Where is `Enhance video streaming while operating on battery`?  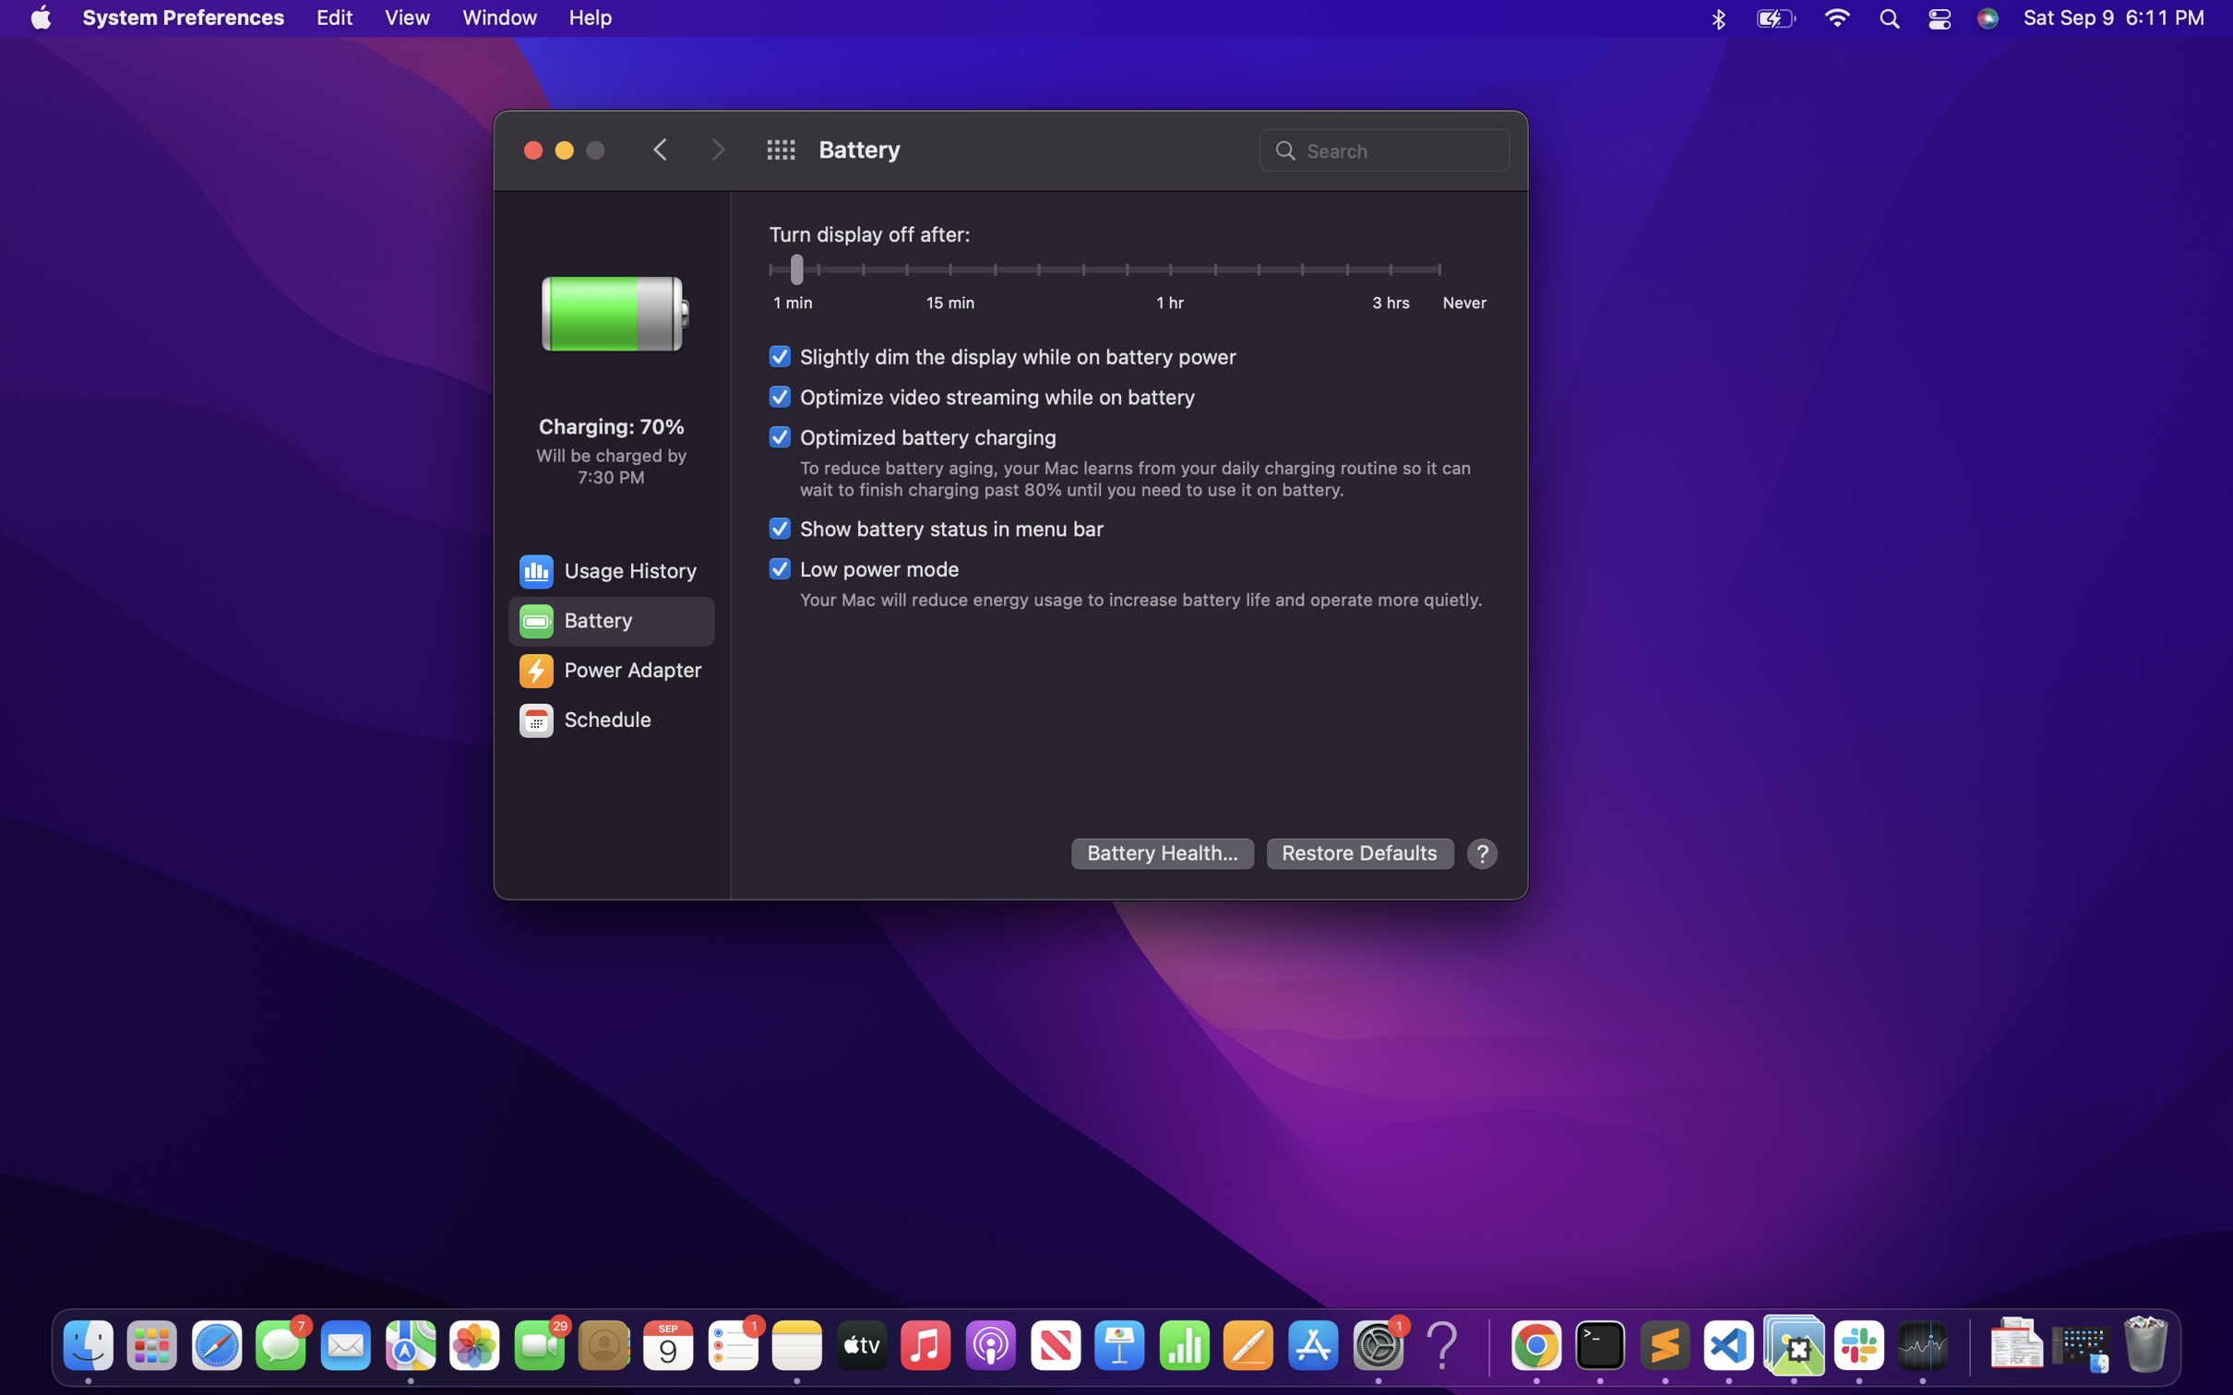 Enhance video streaming while operating on battery is located at coordinates (982, 394).